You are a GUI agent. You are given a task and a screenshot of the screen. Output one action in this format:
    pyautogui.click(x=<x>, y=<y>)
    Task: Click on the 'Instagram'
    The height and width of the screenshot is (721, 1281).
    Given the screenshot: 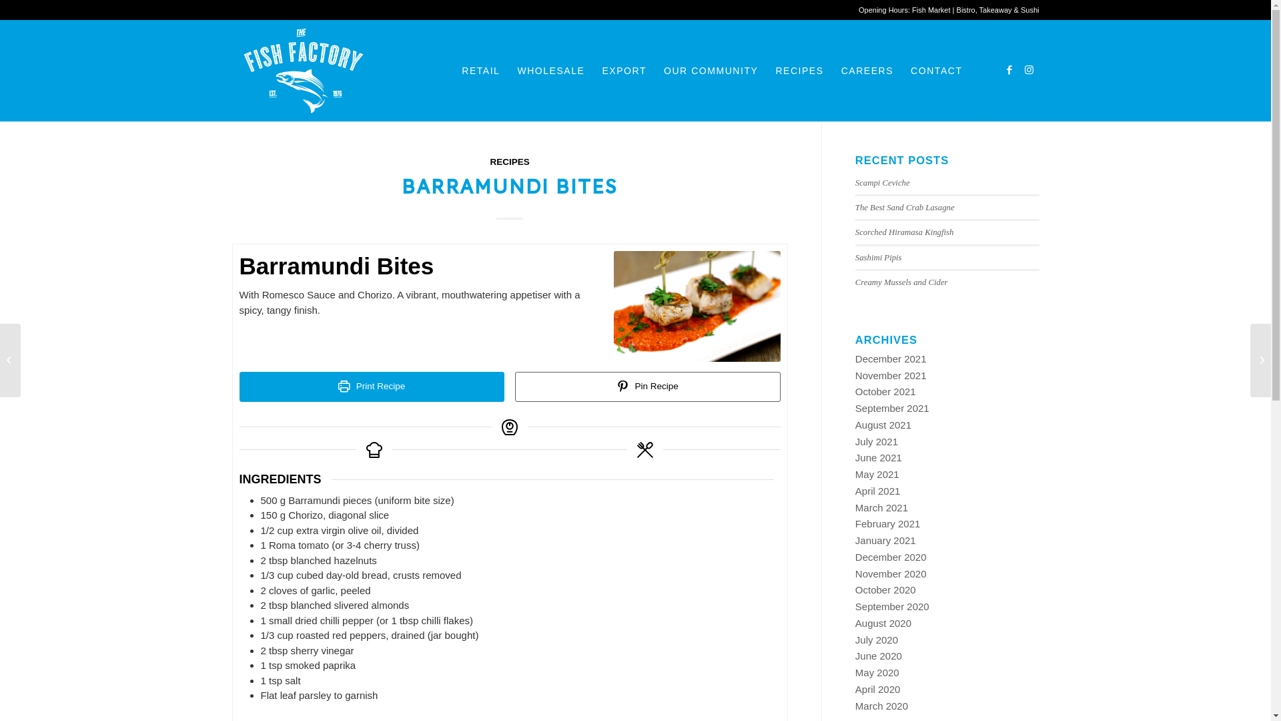 What is the action you would take?
    pyautogui.click(x=1028, y=69)
    